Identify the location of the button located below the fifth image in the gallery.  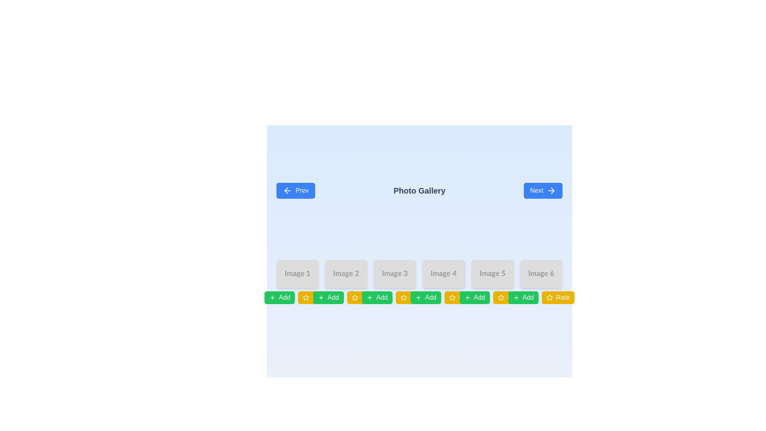
(479, 297).